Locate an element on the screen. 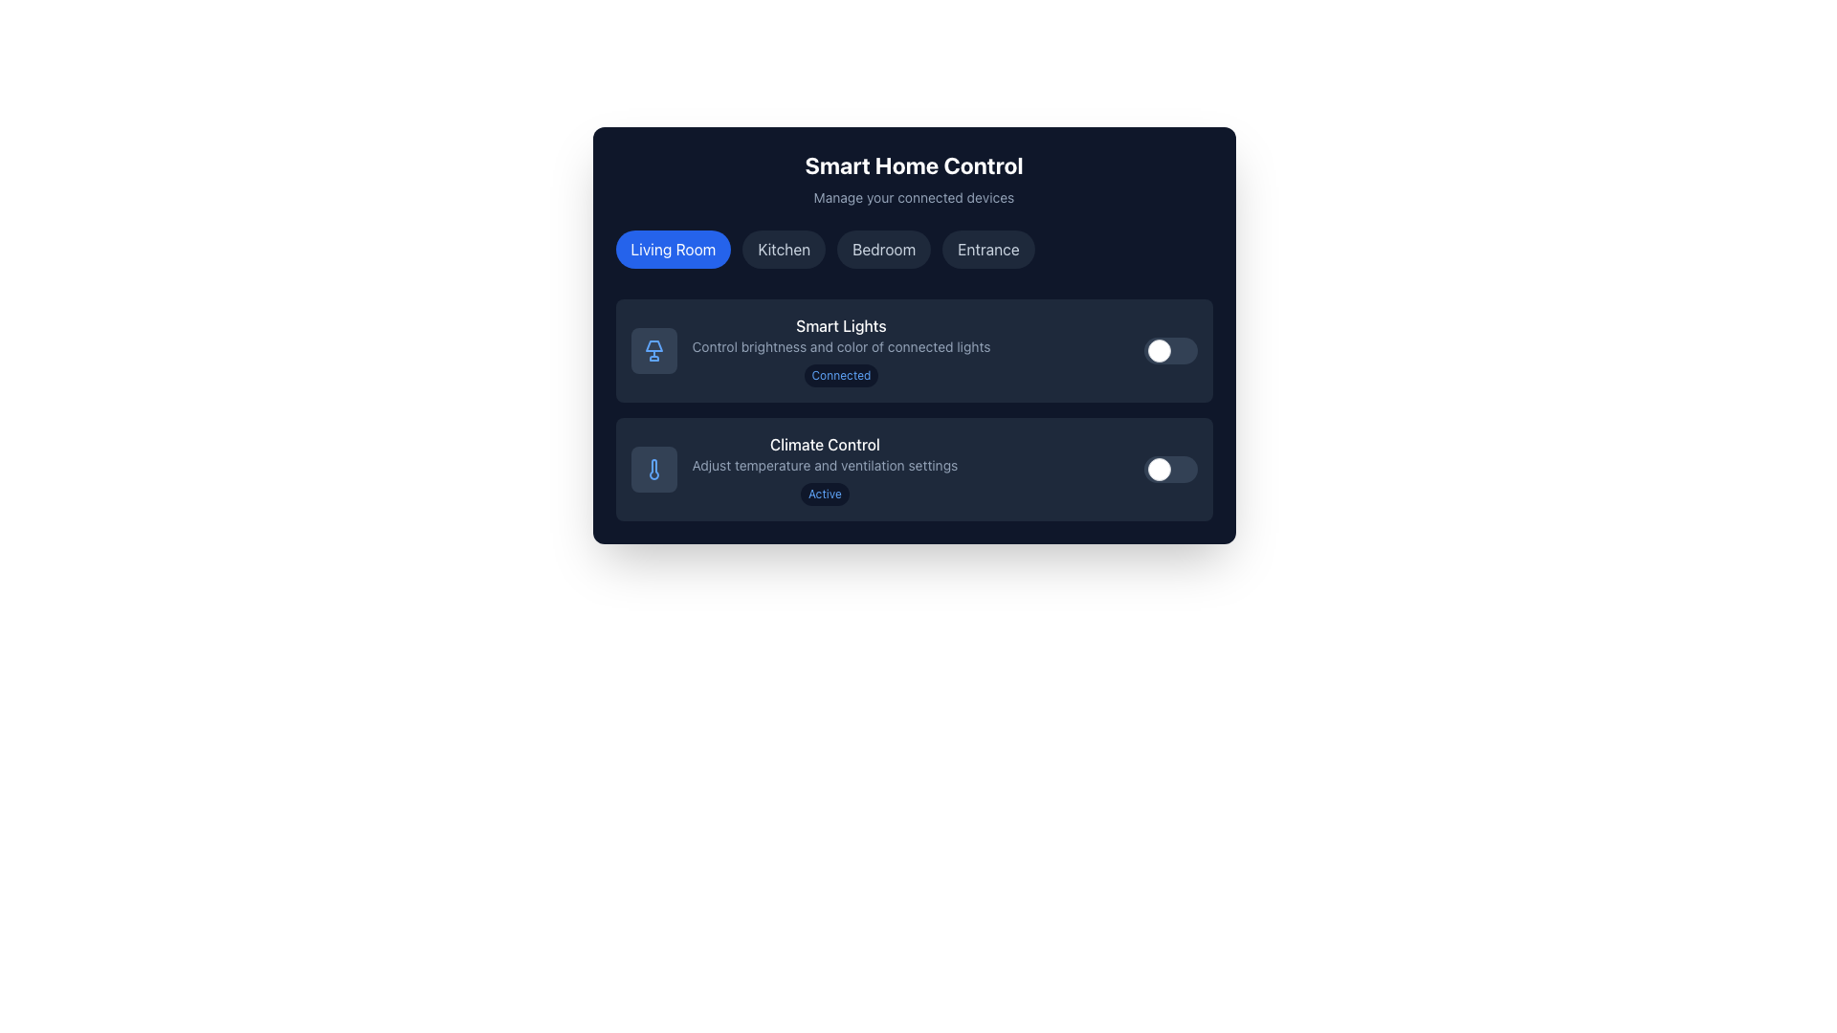 This screenshot has width=1837, height=1033. the Information and control card for smart lights, which is centrally positioned above the Climate Control card in the interface is located at coordinates (810, 350).